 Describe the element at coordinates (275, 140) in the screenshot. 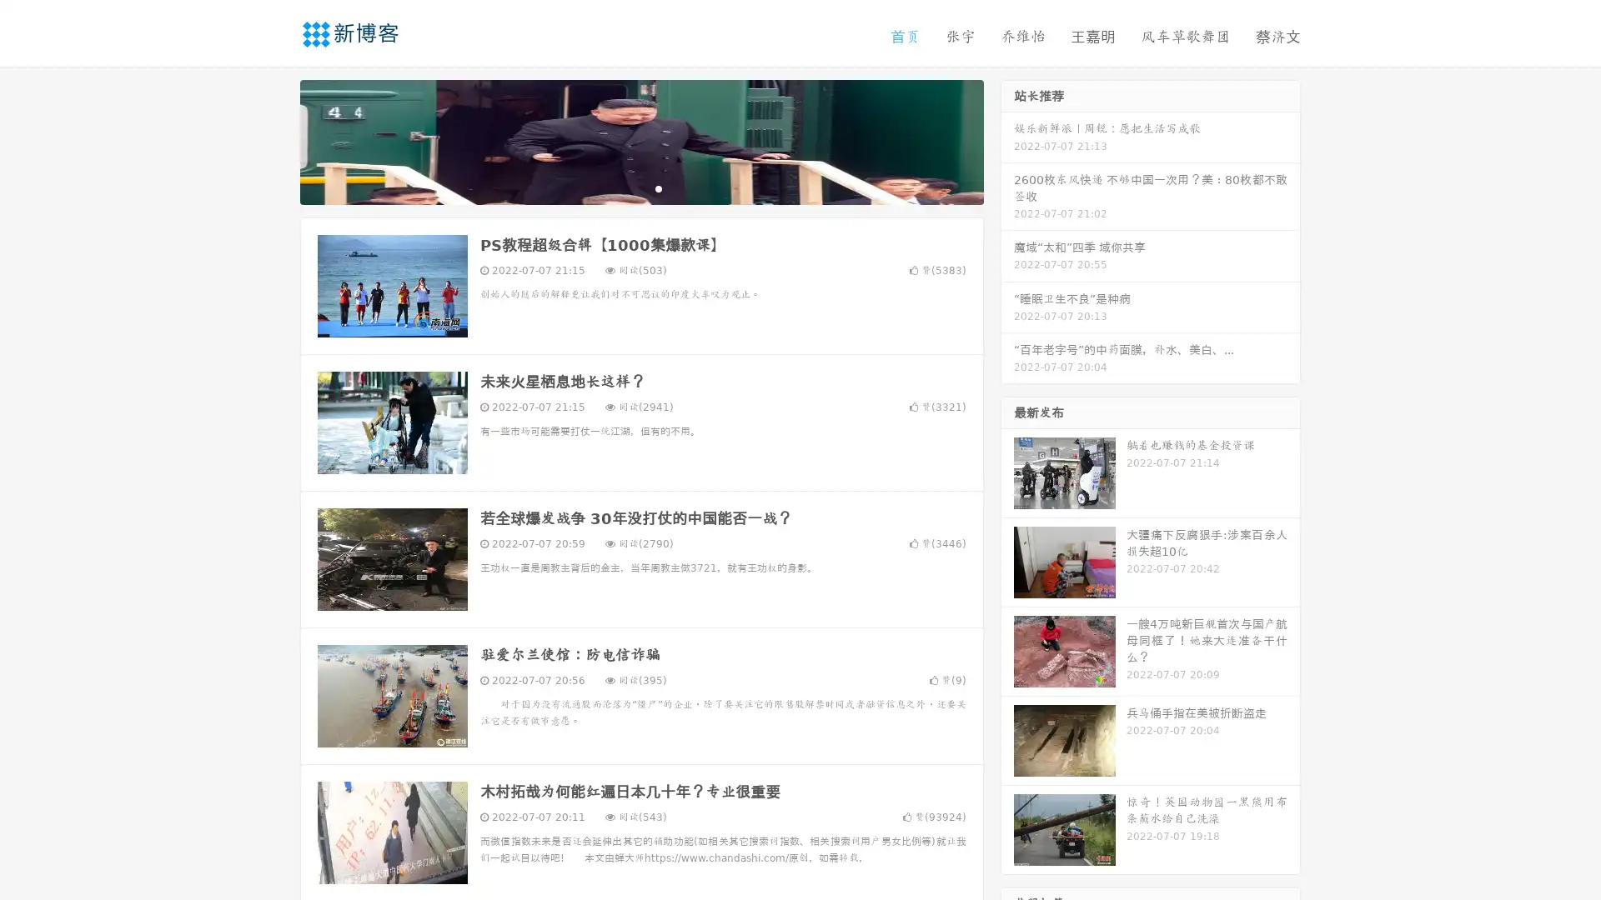

I see `Previous slide` at that location.